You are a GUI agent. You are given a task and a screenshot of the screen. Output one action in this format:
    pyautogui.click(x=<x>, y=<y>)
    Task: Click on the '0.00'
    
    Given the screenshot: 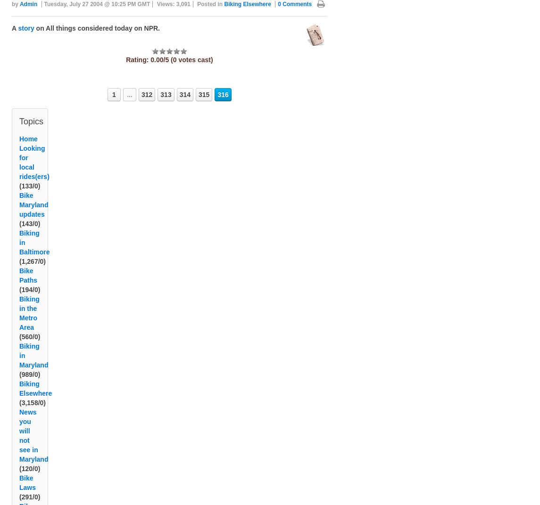 What is the action you would take?
    pyautogui.click(x=156, y=59)
    